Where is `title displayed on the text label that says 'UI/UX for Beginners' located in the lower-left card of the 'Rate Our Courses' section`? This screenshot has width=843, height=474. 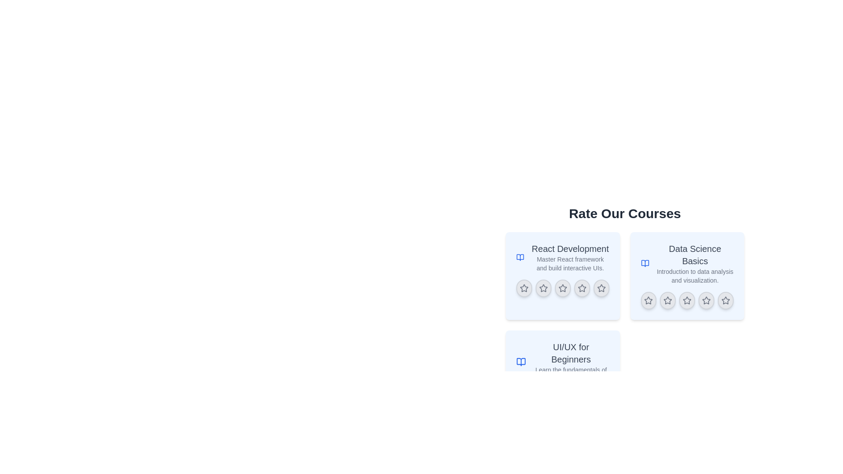 title displayed on the text label that says 'UI/UX for Beginners' located in the lower-left card of the 'Rate Our Courses' section is located at coordinates (571, 353).